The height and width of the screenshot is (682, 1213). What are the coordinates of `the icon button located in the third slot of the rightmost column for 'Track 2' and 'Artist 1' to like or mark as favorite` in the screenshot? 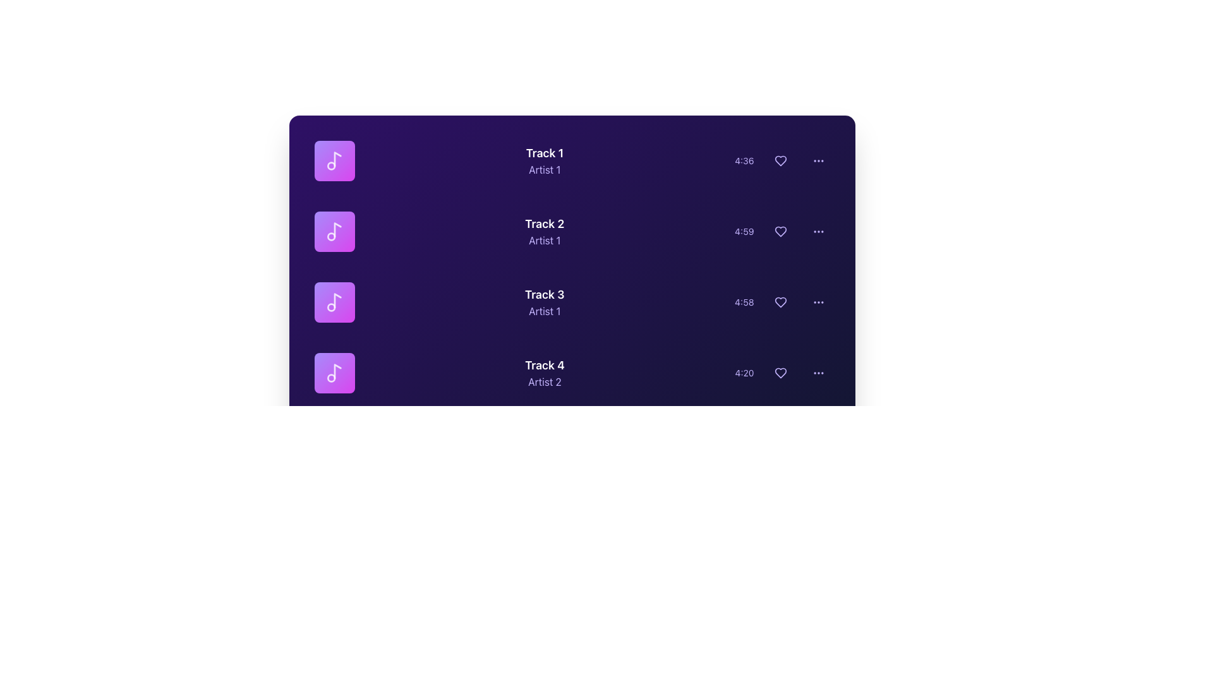 It's located at (782, 231).